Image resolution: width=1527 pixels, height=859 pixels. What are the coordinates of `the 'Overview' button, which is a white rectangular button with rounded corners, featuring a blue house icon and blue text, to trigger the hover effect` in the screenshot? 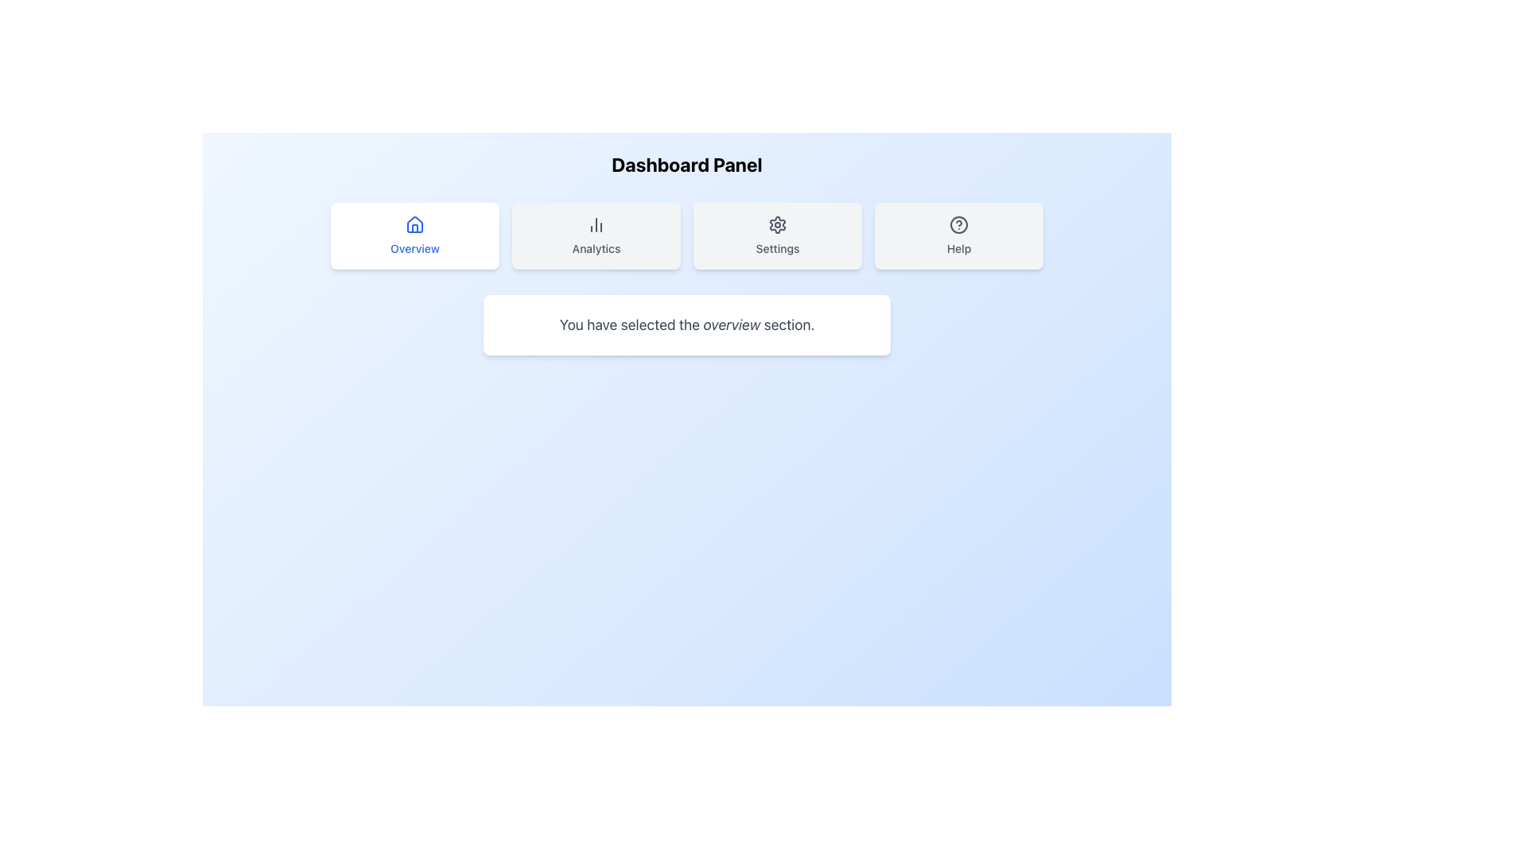 It's located at (415, 236).